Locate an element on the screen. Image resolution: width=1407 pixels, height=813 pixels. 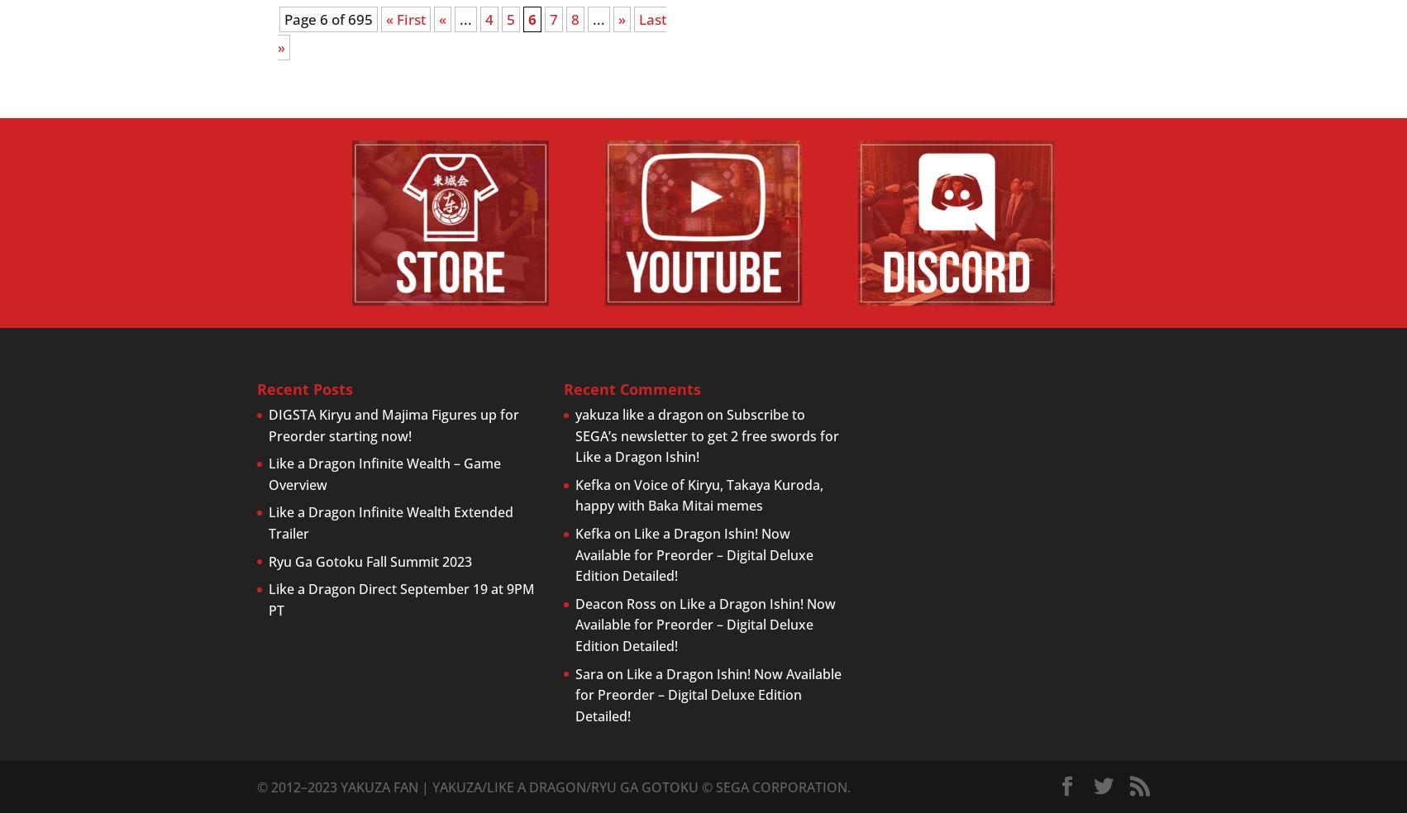
'6' is located at coordinates (527, 18).